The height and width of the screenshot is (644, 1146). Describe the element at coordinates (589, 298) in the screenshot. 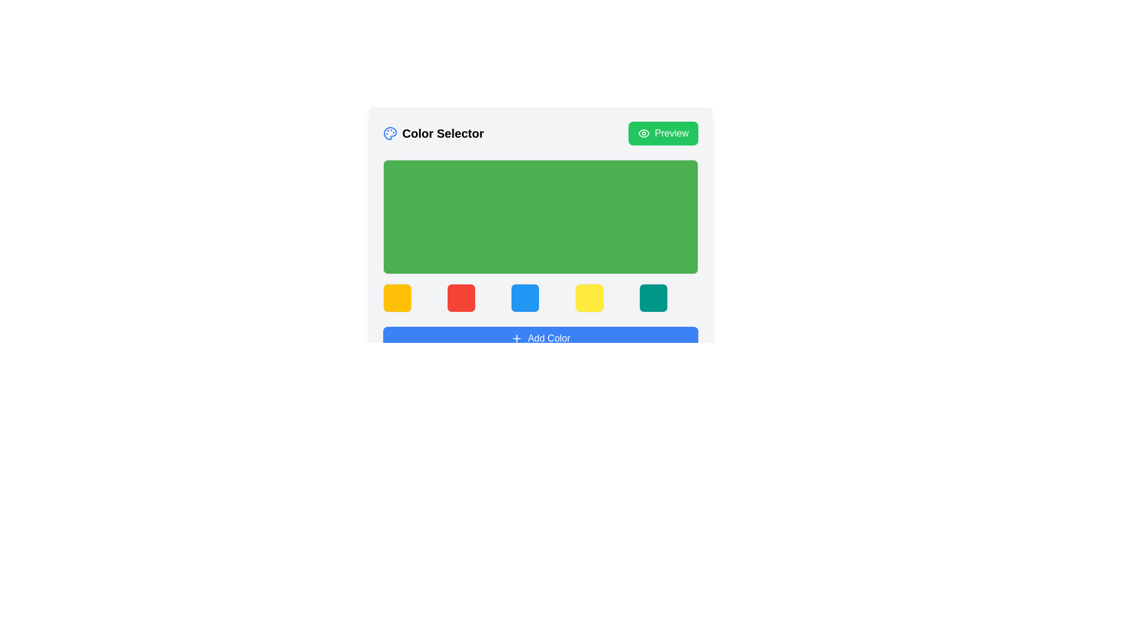

I see `the fourth button in a horizontal grid of five buttons, which serves as a color selector for bright yellow, positioned centrally under a green rectangle and above an 'Add Color' button` at that location.